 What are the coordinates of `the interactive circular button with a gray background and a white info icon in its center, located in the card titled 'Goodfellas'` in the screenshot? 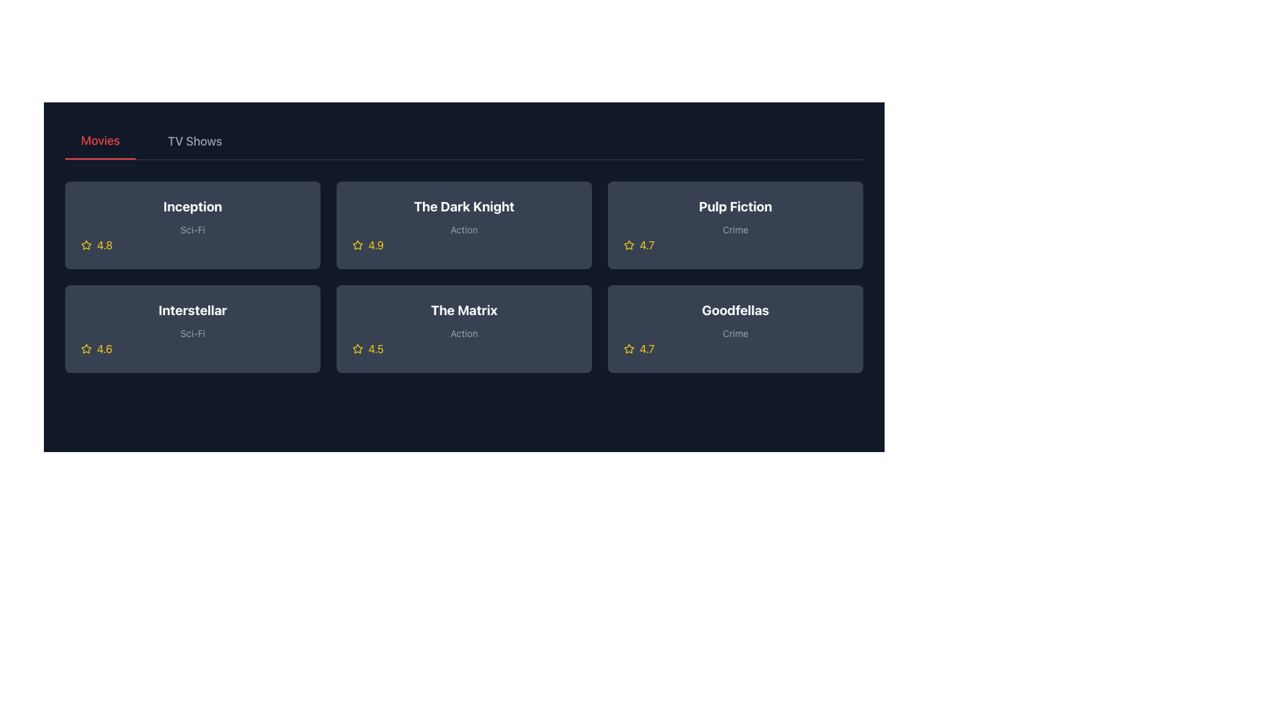 It's located at (734, 328).